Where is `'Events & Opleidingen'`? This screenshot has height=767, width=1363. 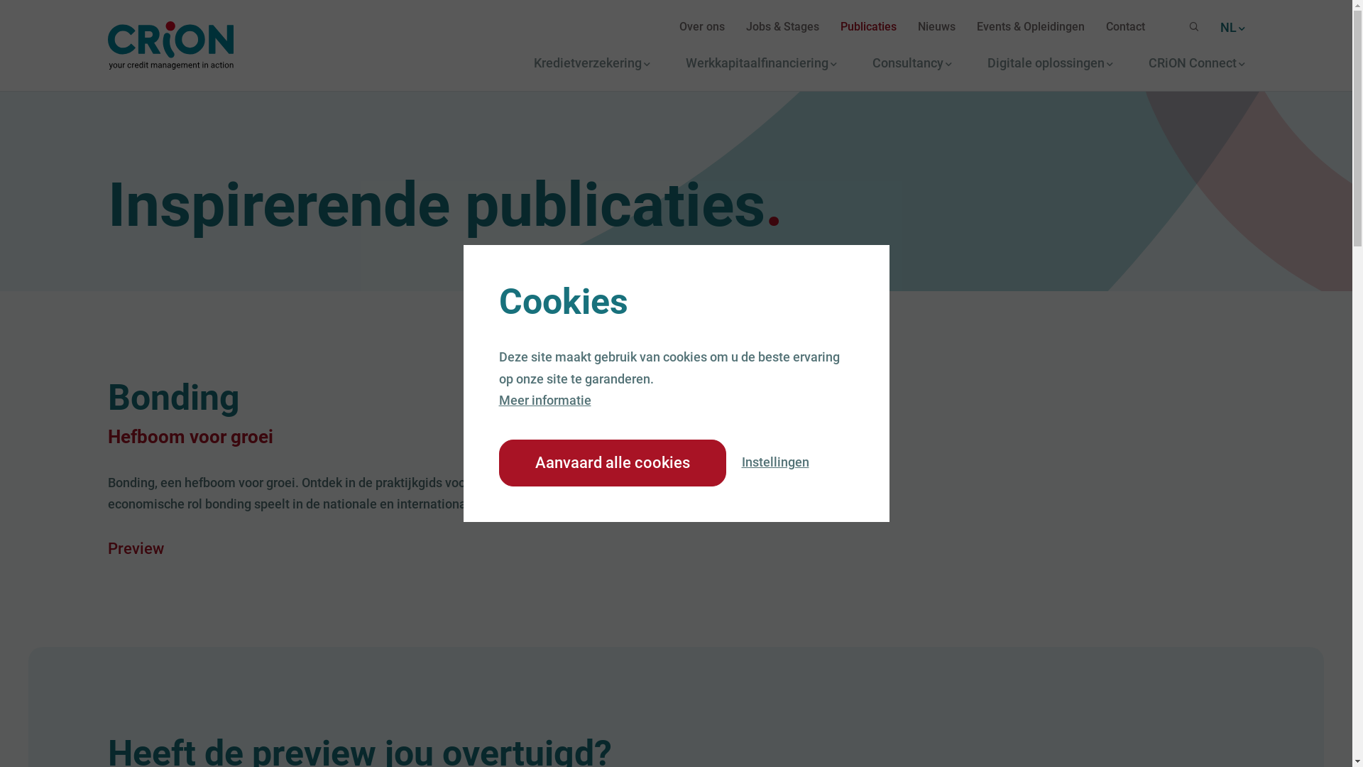 'Events & Opleidingen' is located at coordinates (1030, 27).